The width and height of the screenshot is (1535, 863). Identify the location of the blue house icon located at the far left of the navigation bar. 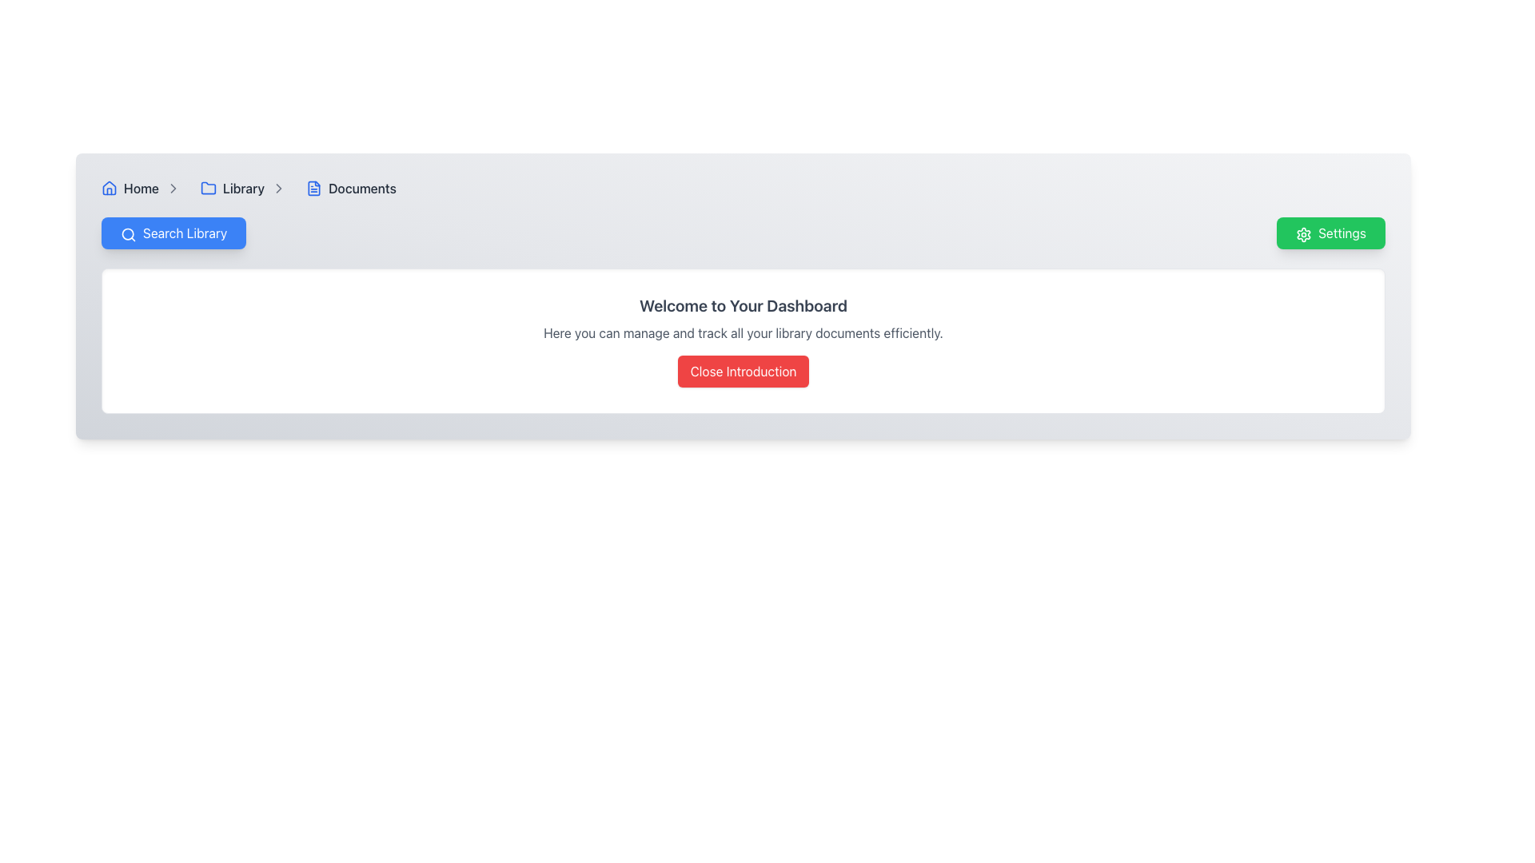
(109, 187).